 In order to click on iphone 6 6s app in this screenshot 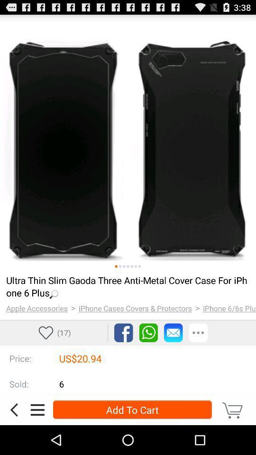, I will do `click(229, 308)`.